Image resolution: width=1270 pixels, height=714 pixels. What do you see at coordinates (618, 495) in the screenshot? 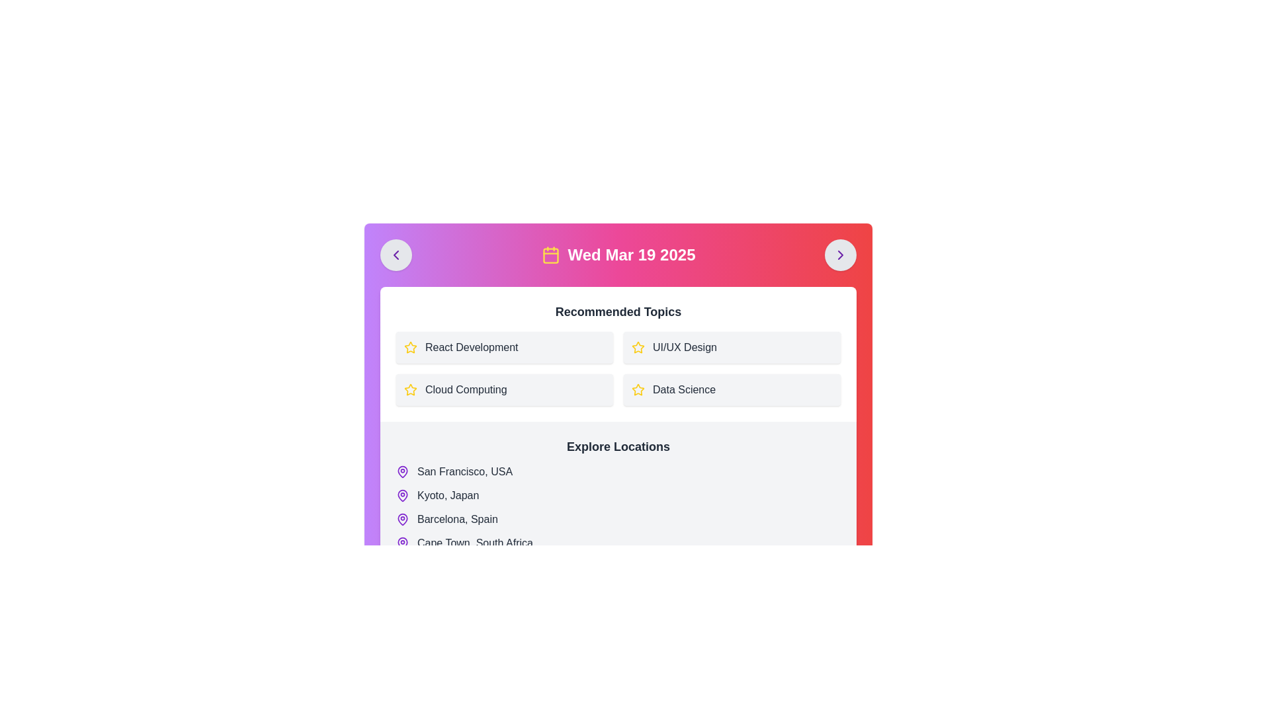
I see `the list item representing 'Kyoto, Japan', which is the second location in the 'Explore Locations' section, situated between 'San Francisco, USA' and 'Barcelona, Spain'` at bounding box center [618, 495].